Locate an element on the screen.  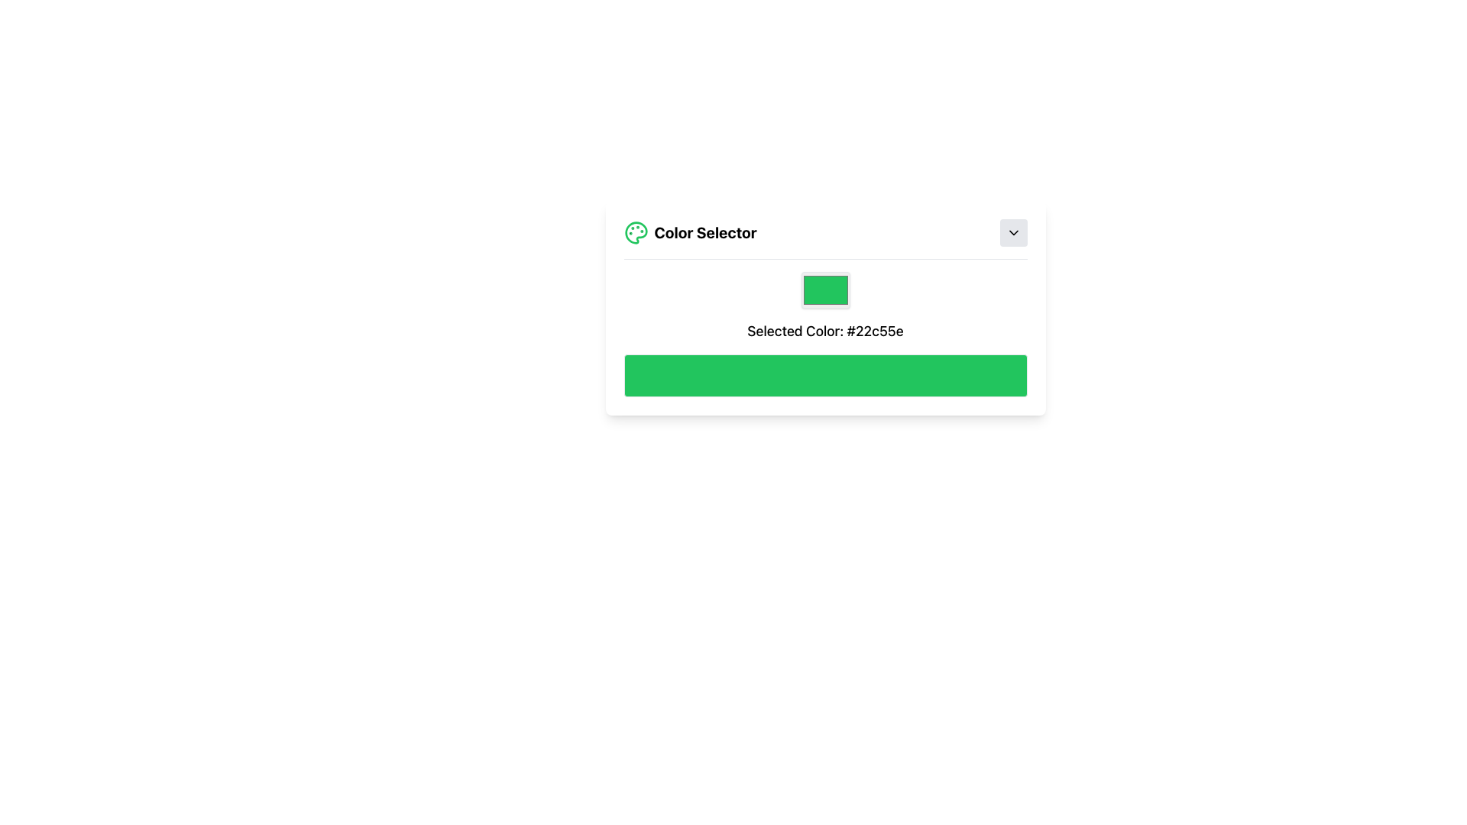
the 'Color Selector' Text Label, which is aligned with a palette icon to its left and located at the top of the interface is located at coordinates (704, 232).